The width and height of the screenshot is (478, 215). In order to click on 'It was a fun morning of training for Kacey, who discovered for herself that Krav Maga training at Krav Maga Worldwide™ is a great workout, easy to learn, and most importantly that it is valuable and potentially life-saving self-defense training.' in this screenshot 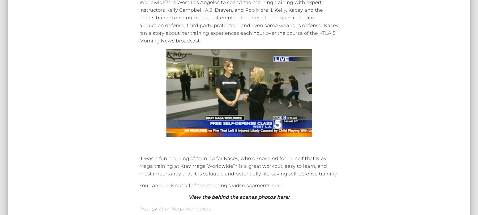, I will do `click(239, 165)`.